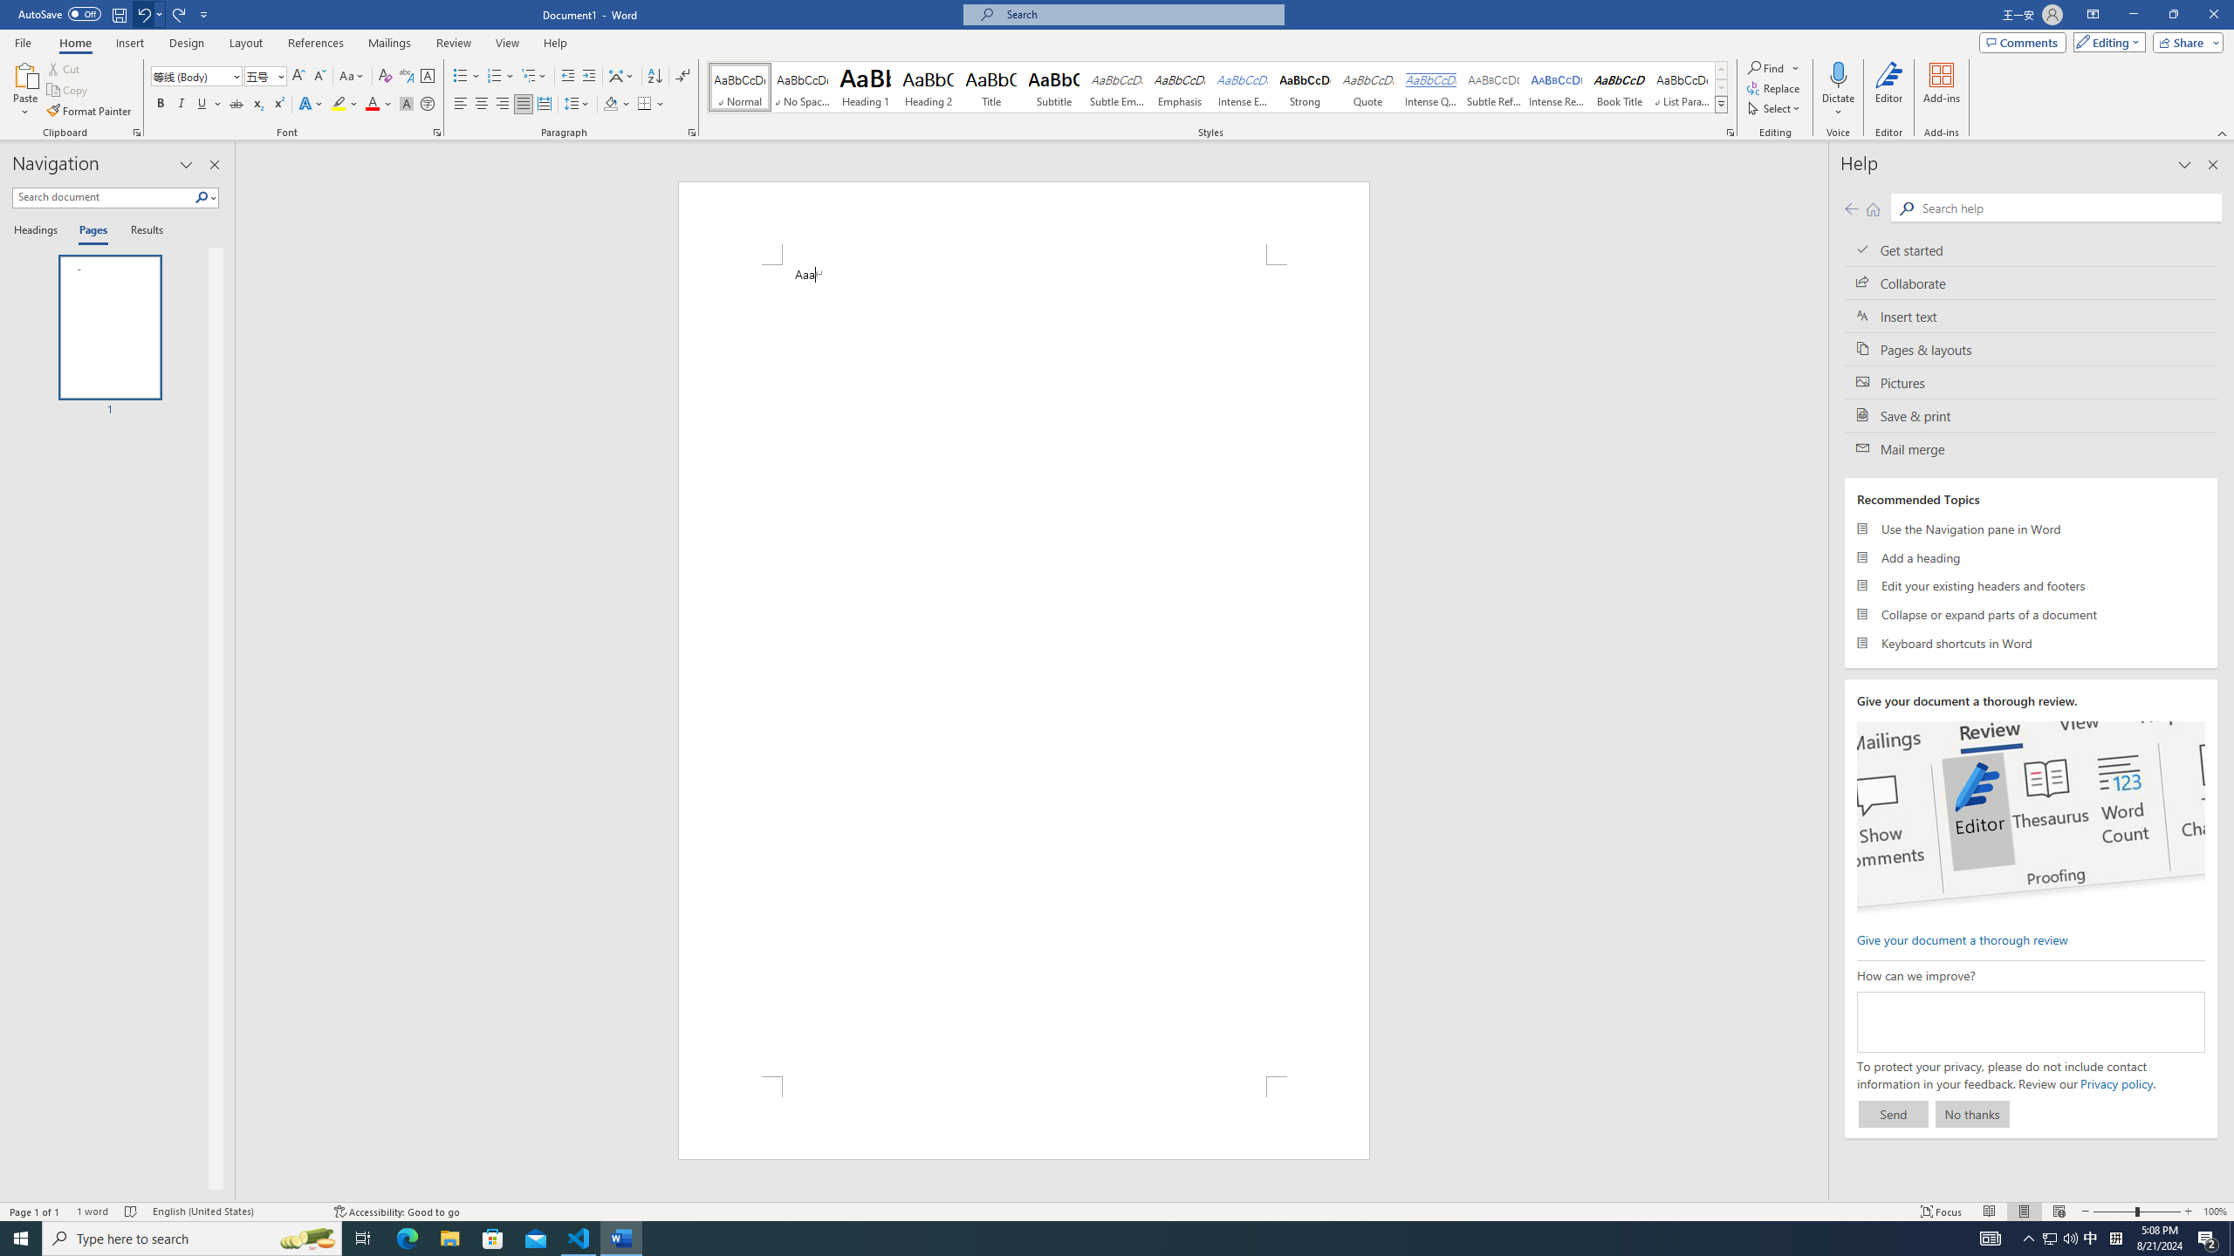 Image resolution: width=2234 pixels, height=1256 pixels. What do you see at coordinates (427, 103) in the screenshot?
I see `'Enclose Characters...'` at bounding box center [427, 103].